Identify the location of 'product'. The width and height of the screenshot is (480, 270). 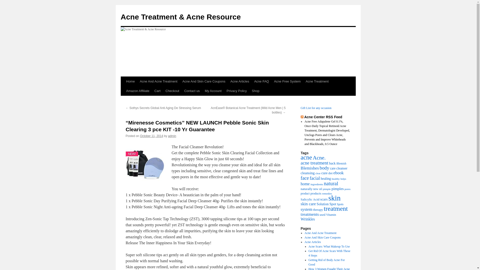
(304, 193).